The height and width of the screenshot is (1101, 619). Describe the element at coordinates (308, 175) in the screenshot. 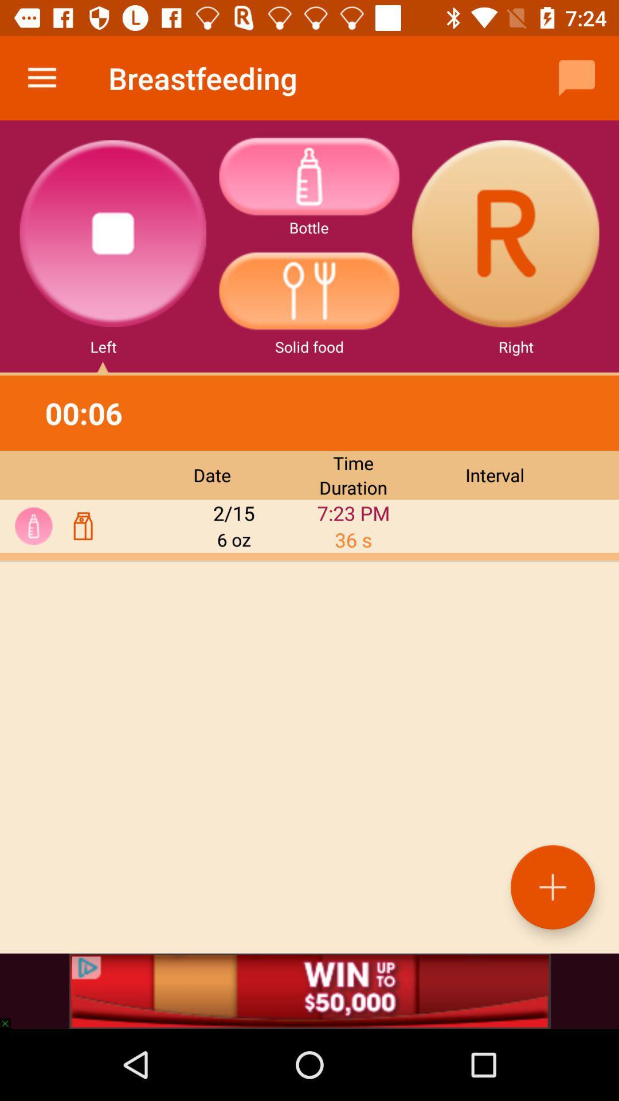

I see `the more icon` at that location.